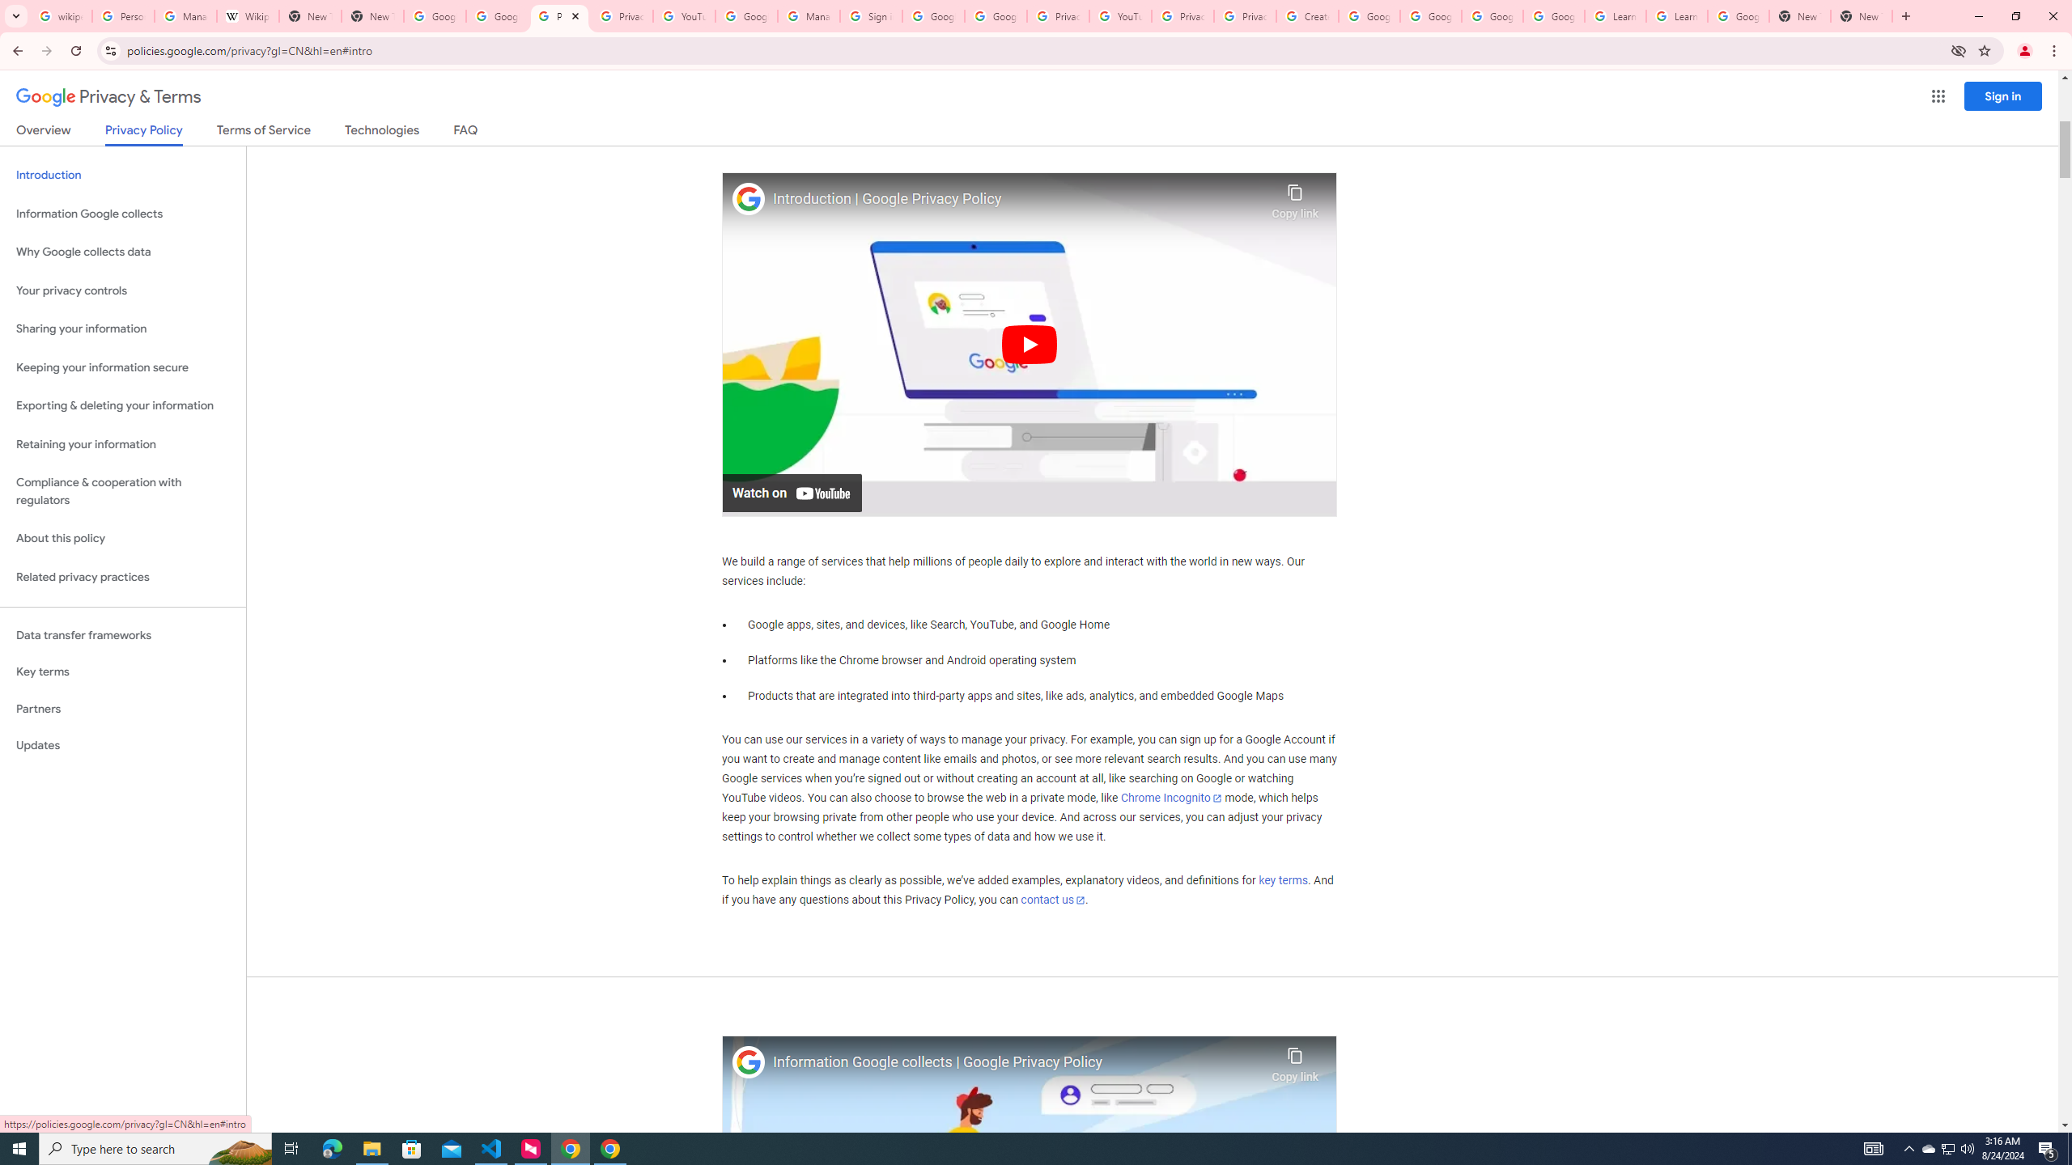 The height and width of the screenshot is (1165, 2072). Describe the element at coordinates (1738, 15) in the screenshot. I see `'Google Account'` at that location.